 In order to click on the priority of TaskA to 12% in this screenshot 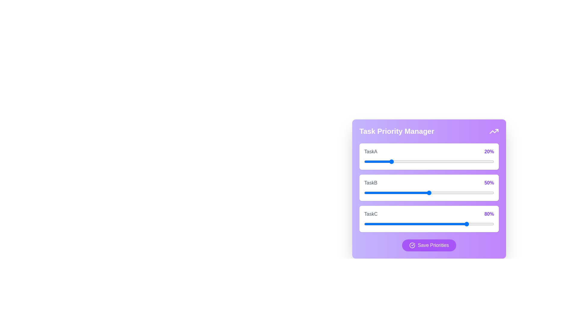, I will do `click(379, 161)`.